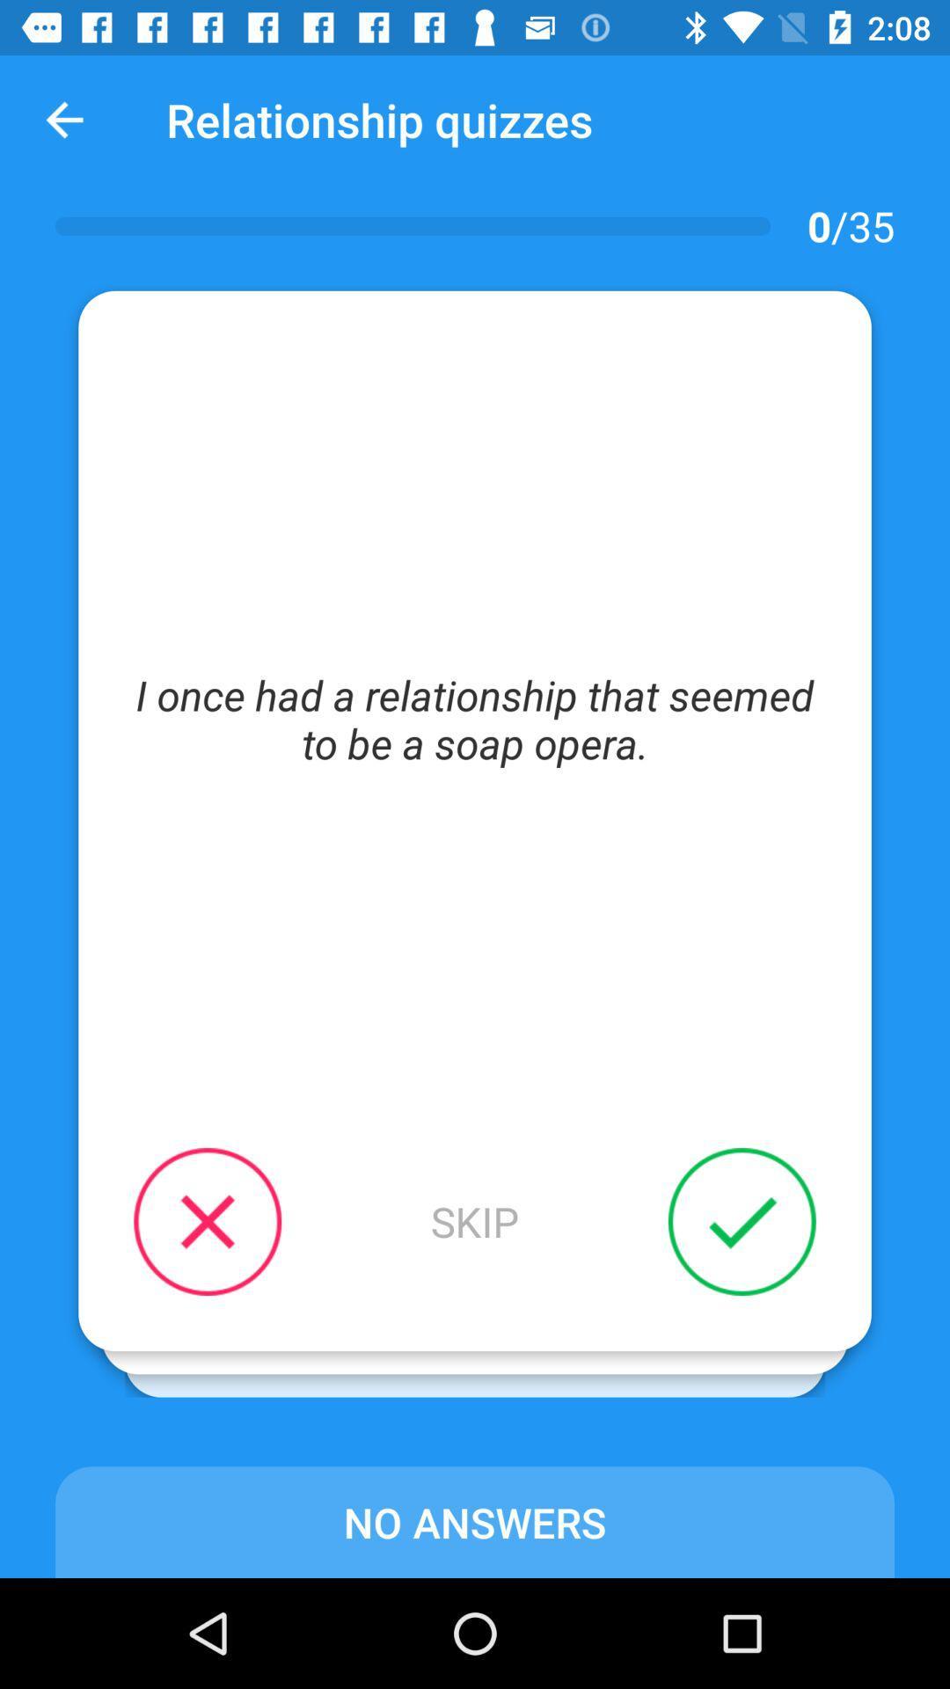  What do you see at coordinates (475, 1220) in the screenshot?
I see `skip option` at bounding box center [475, 1220].